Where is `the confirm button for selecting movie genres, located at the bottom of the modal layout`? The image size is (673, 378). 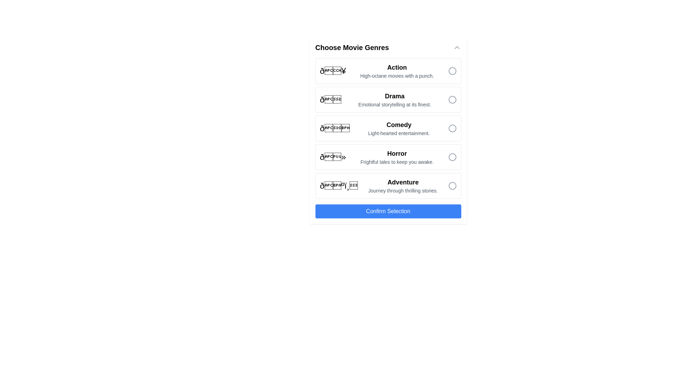
the confirm button for selecting movie genres, located at the bottom of the modal layout is located at coordinates (388, 211).